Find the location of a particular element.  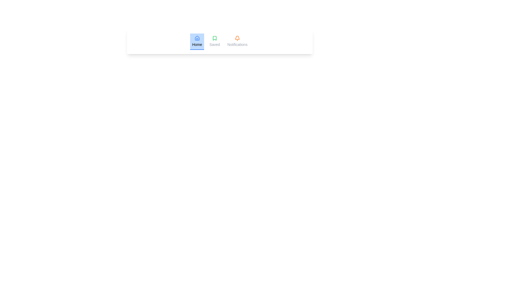

the category Saved by clicking on its name or icon is located at coordinates (214, 41).